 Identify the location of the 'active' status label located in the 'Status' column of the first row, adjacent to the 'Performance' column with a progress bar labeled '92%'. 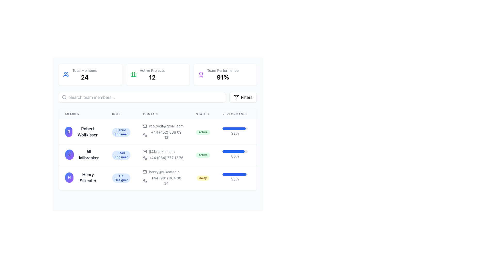
(203, 132).